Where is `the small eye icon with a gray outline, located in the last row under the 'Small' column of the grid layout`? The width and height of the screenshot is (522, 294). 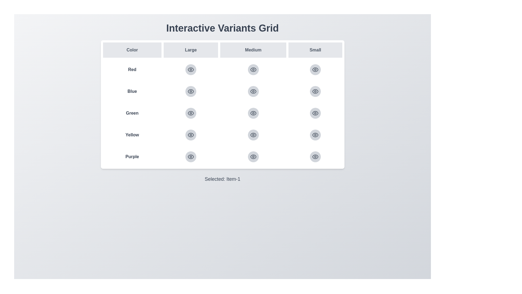
the small eye icon with a gray outline, located in the last row under the 'Small' column of the grid layout is located at coordinates (315, 113).